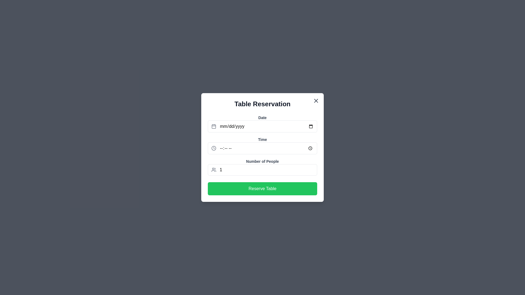 The width and height of the screenshot is (525, 295). What do you see at coordinates (214, 169) in the screenshot?
I see `the user group icon, which is a light gray minimalistic design representing two abstract human figures, located at the left side of the input field labeled 'Number of People'` at bounding box center [214, 169].